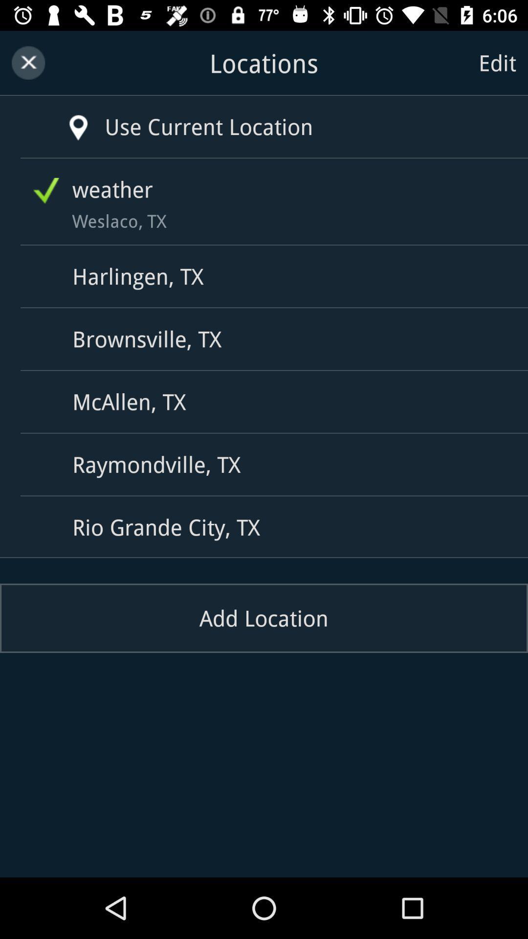  Describe the element at coordinates (267, 402) in the screenshot. I see `tap on the location given as mcallen tx` at that location.